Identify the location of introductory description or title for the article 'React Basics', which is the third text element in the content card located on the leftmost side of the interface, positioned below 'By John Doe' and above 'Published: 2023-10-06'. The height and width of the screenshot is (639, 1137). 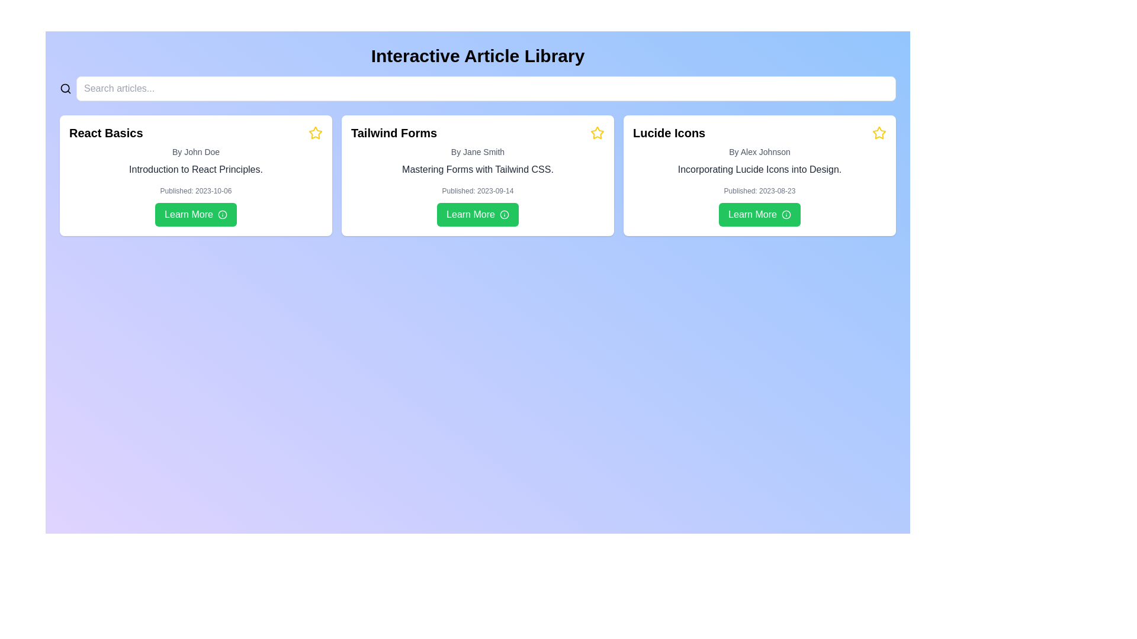
(196, 169).